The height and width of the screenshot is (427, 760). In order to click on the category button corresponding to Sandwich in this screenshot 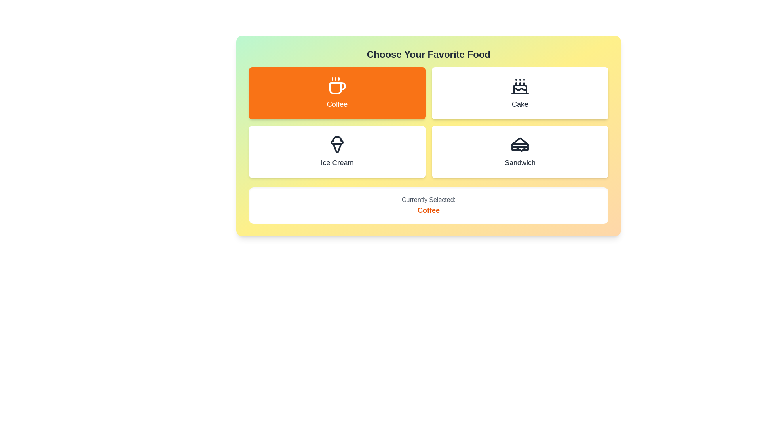, I will do `click(520, 152)`.